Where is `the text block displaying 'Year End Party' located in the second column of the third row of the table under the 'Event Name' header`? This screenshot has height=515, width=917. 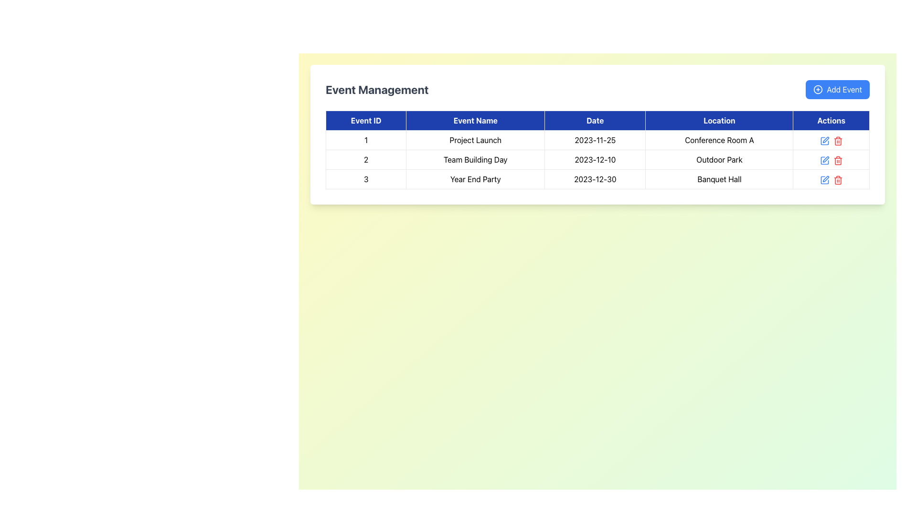
the text block displaying 'Year End Party' located in the second column of the third row of the table under the 'Event Name' header is located at coordinates (475, 179).